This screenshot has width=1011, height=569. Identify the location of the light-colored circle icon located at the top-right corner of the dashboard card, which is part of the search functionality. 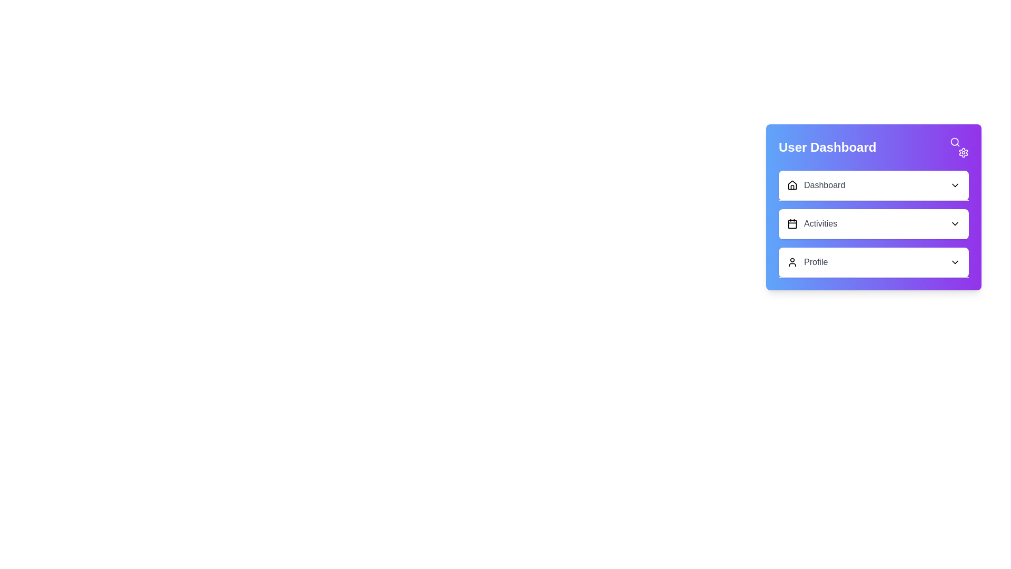
(955, 141).